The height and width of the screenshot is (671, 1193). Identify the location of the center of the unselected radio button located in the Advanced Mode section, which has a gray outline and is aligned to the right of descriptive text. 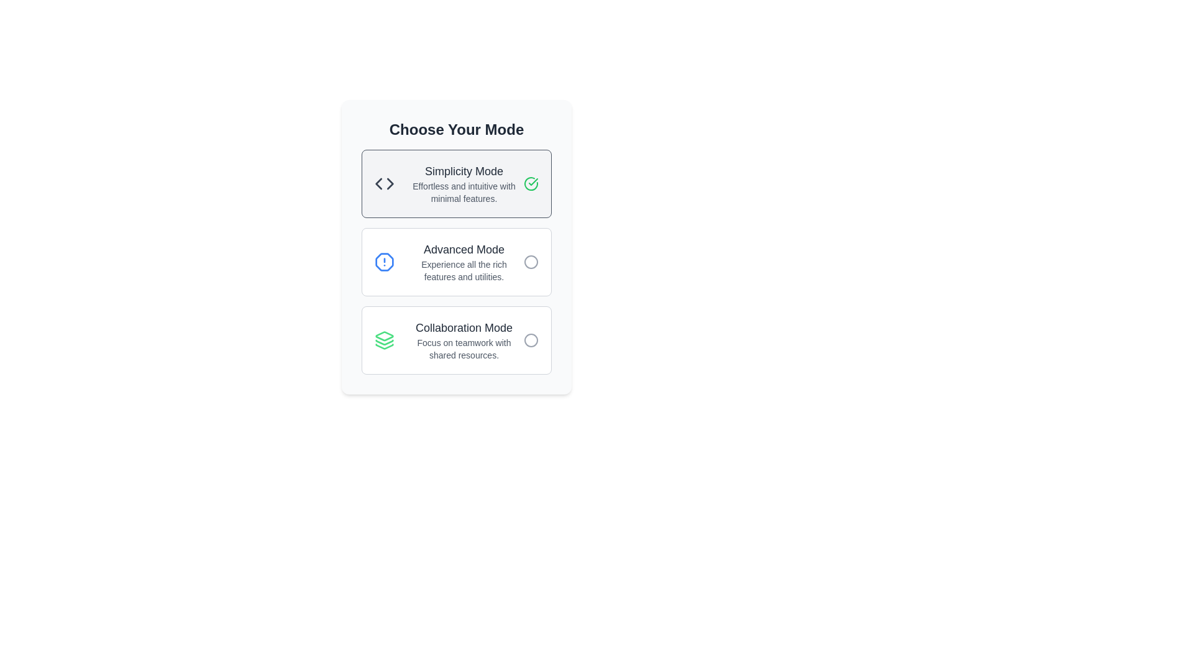
(531, 261).